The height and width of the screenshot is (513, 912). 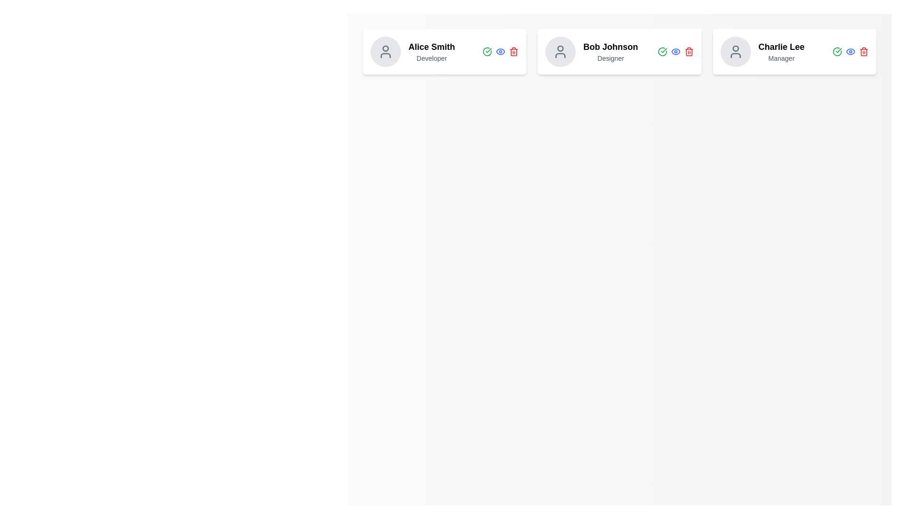 What do you see at coordinates (837, 51) in the screenshot?
I see `the circular green icon with a checkmark located in the profile card of Charlie Lee, the Manager` at bounding box center [837, 51].